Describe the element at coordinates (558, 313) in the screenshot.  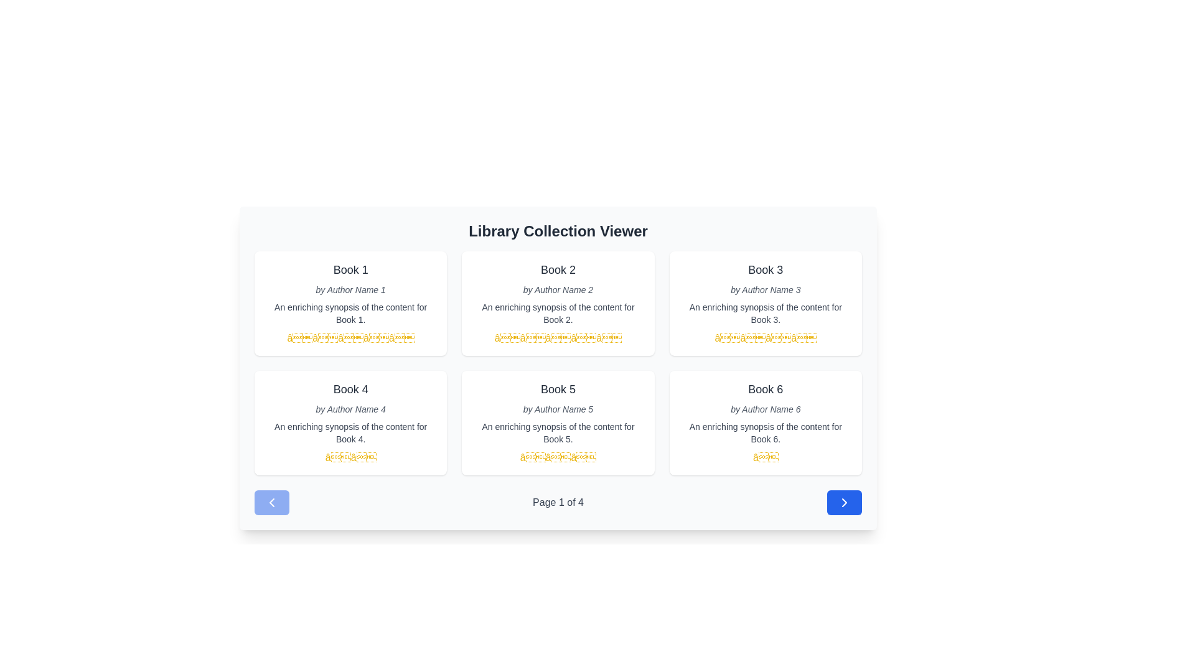
I see `the small gray text label located below the 'Book 2' title and author information in the second card of the grid layout` at that location.